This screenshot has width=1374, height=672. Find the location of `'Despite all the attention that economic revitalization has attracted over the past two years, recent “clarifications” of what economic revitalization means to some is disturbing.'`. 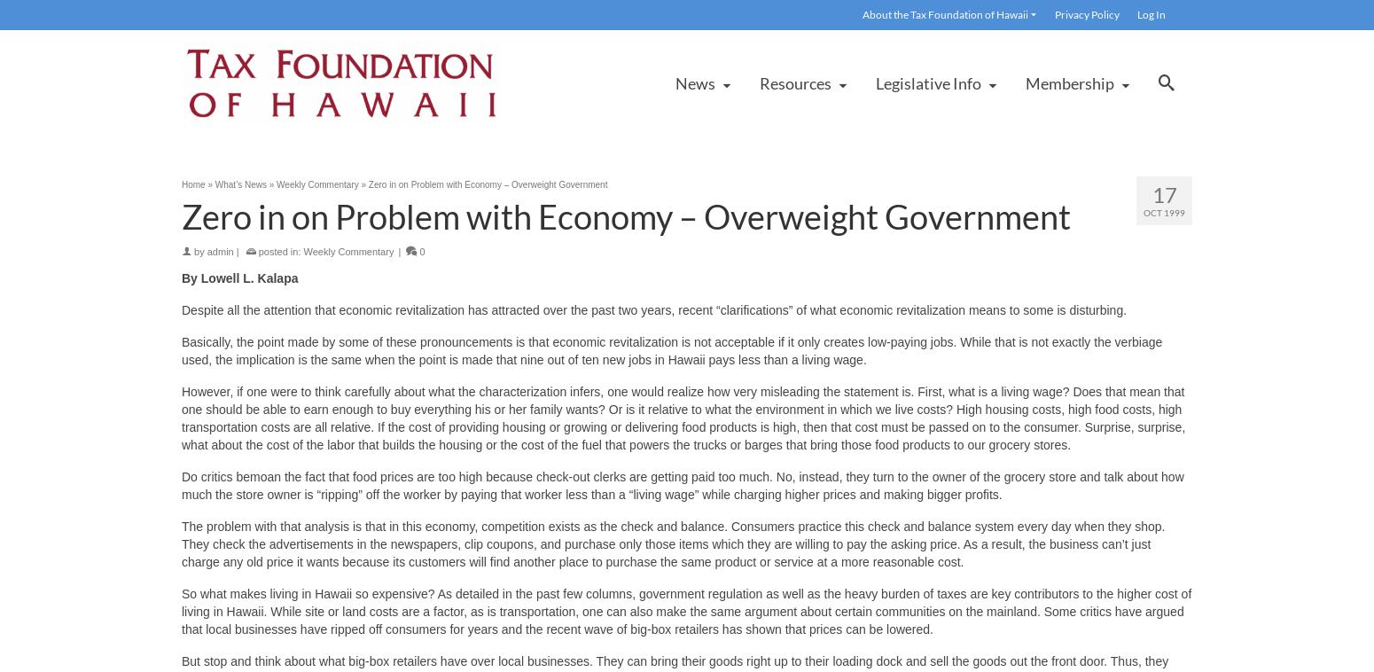

'Despite all the attention that economic revitalization has attracted over the past two years, recent “clarifications” of what economic revitalization means to some is disturbing.' is located at coordinates (653, 309).